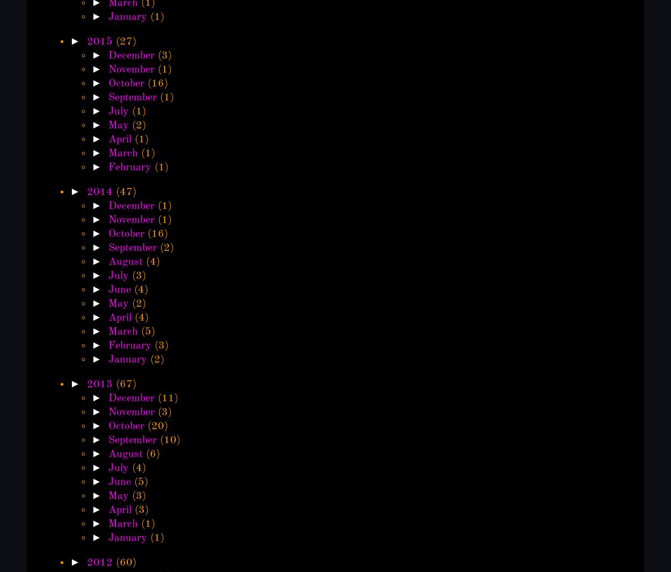 The height and width of the screenshot is (572, 671). What do you see at coordinates (99, 192) in the screenshot?
I see `'2014'` at bounding box center [99, 192].